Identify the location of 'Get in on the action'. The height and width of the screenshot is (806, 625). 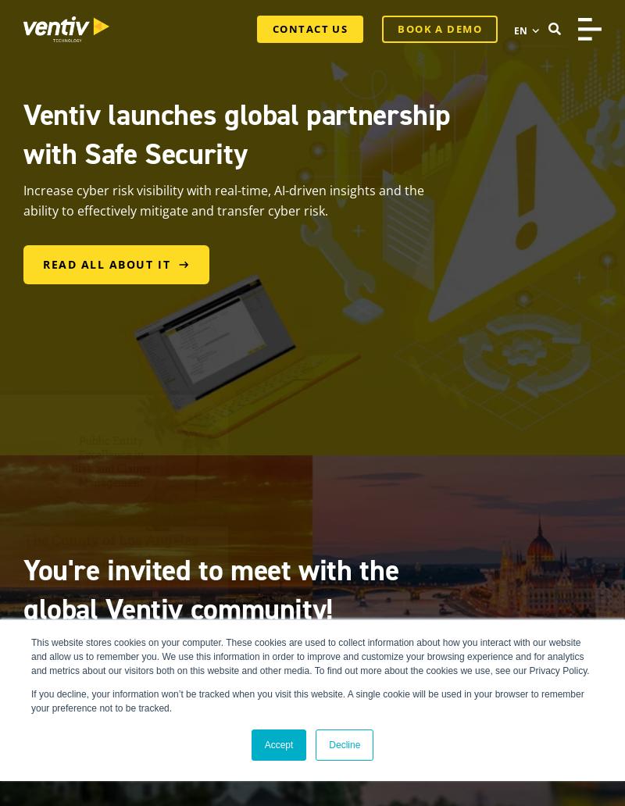
(117, 739).